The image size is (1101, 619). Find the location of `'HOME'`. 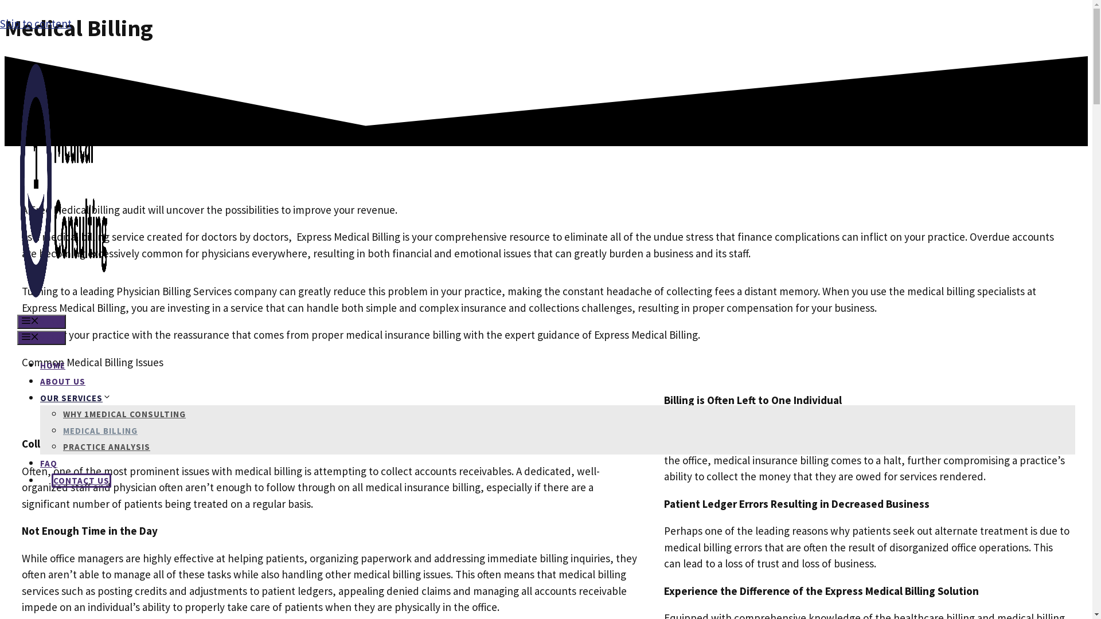

'HOME' is located at coordinates (52, 365).